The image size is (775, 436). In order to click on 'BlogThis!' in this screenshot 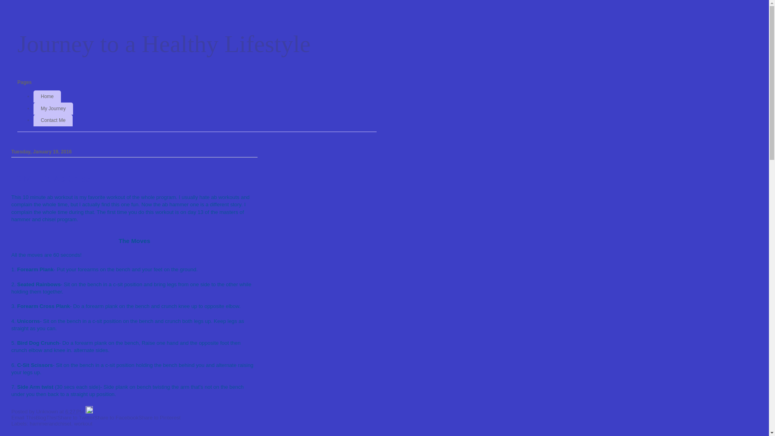, I will do `click(35, 417)`.